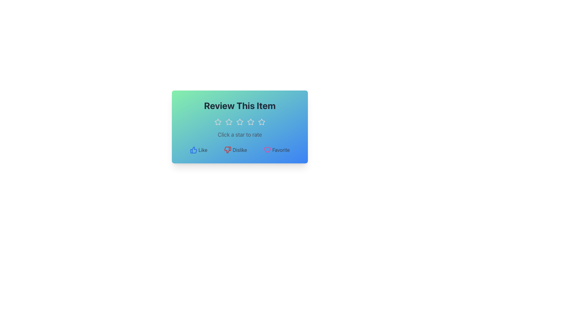 Image resolution: width=583 pixels, height=328 pixels. What do you see at coordinates (262, 122) in the screenshot?
I see `the fifth star-shaped icon in the rating system` at bounding box center [262, 122].